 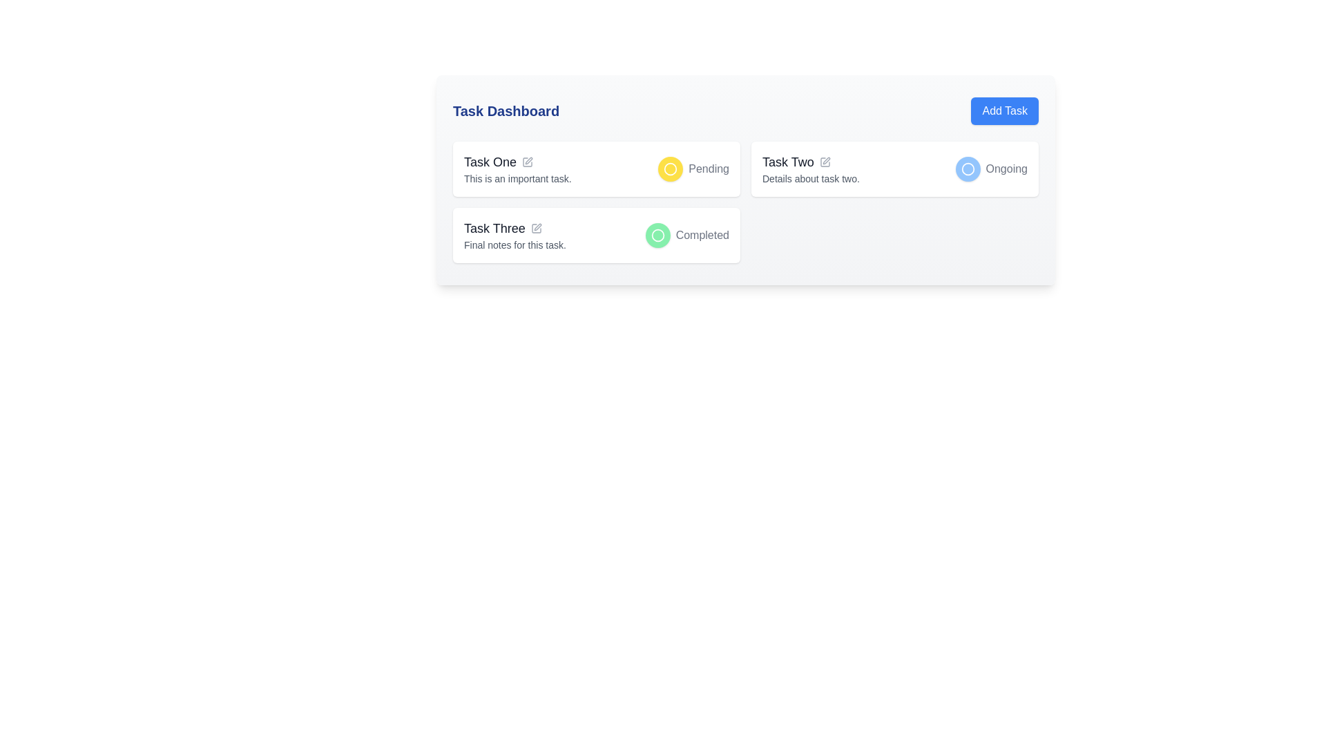 I want to click on status information from the green circular icon with the label 'Completed' that indicates task status, positioned to the right of 'Task Three', so click(x=687, y=234).